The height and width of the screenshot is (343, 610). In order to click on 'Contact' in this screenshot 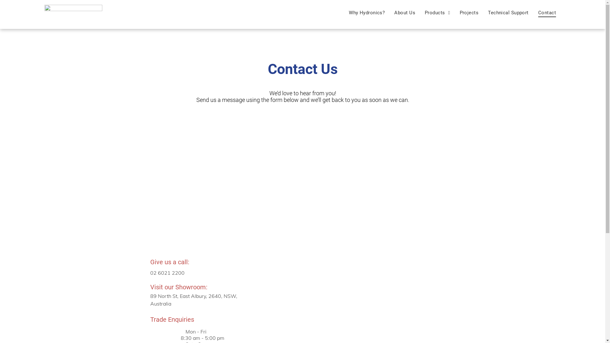, I will do `click(533, 12)`.